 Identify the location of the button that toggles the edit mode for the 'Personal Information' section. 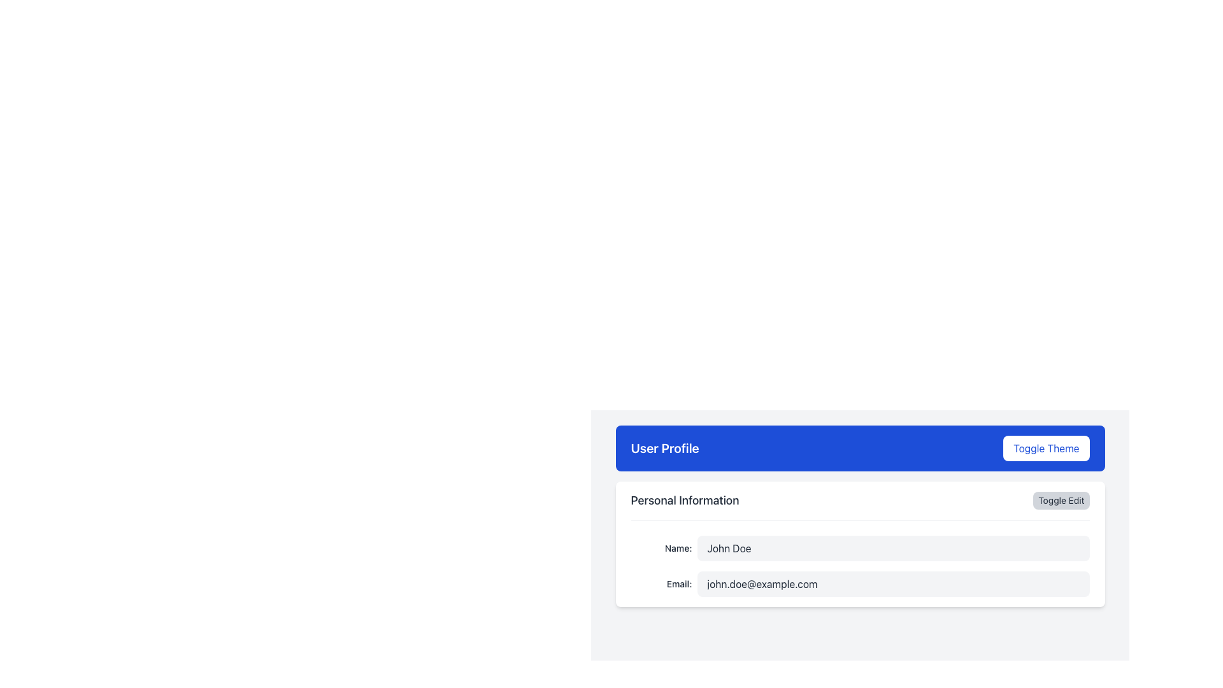
(1061, 500).